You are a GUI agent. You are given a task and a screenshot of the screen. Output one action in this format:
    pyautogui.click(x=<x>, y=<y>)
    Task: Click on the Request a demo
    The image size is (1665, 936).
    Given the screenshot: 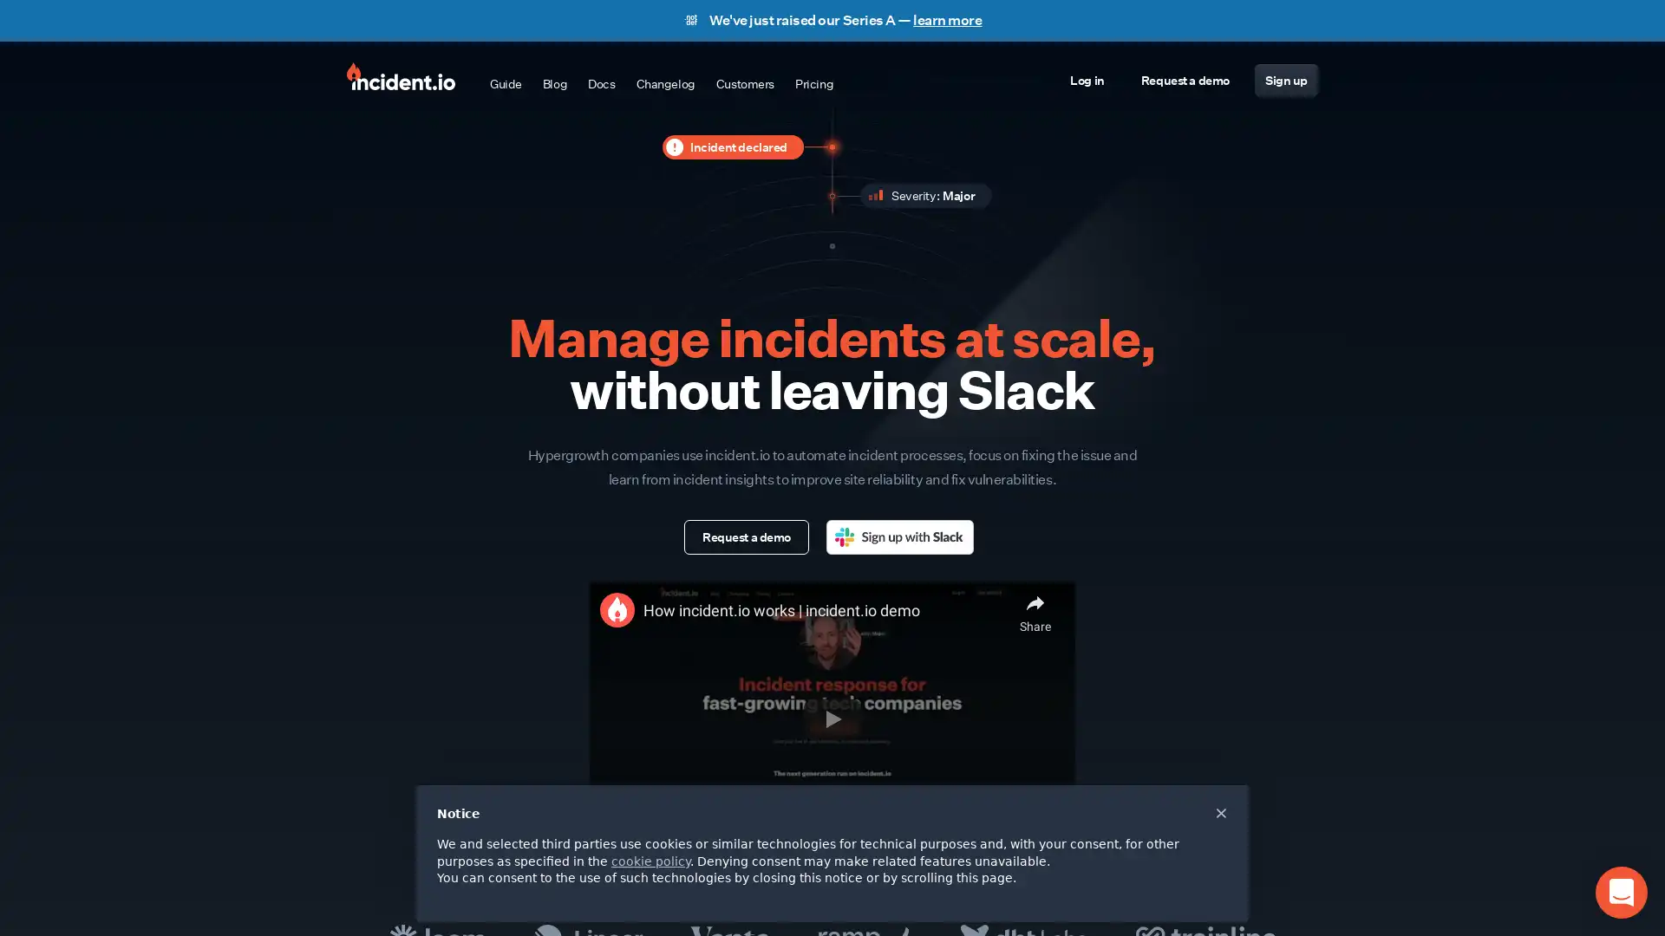 What is the action you would take?
    pyautogui.click(x=746, y=536)
    